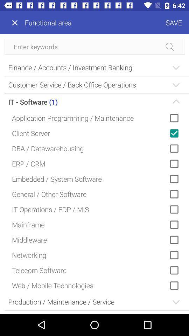  I want to click on search bar, so click(94, 46).